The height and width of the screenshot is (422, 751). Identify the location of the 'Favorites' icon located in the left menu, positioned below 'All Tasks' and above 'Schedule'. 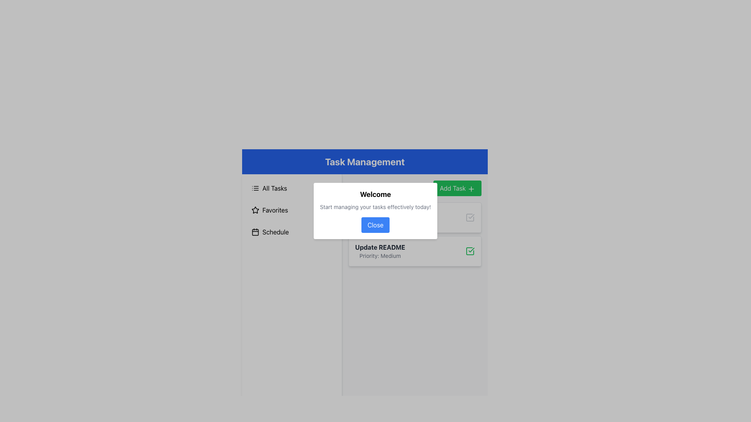
(255, 209).